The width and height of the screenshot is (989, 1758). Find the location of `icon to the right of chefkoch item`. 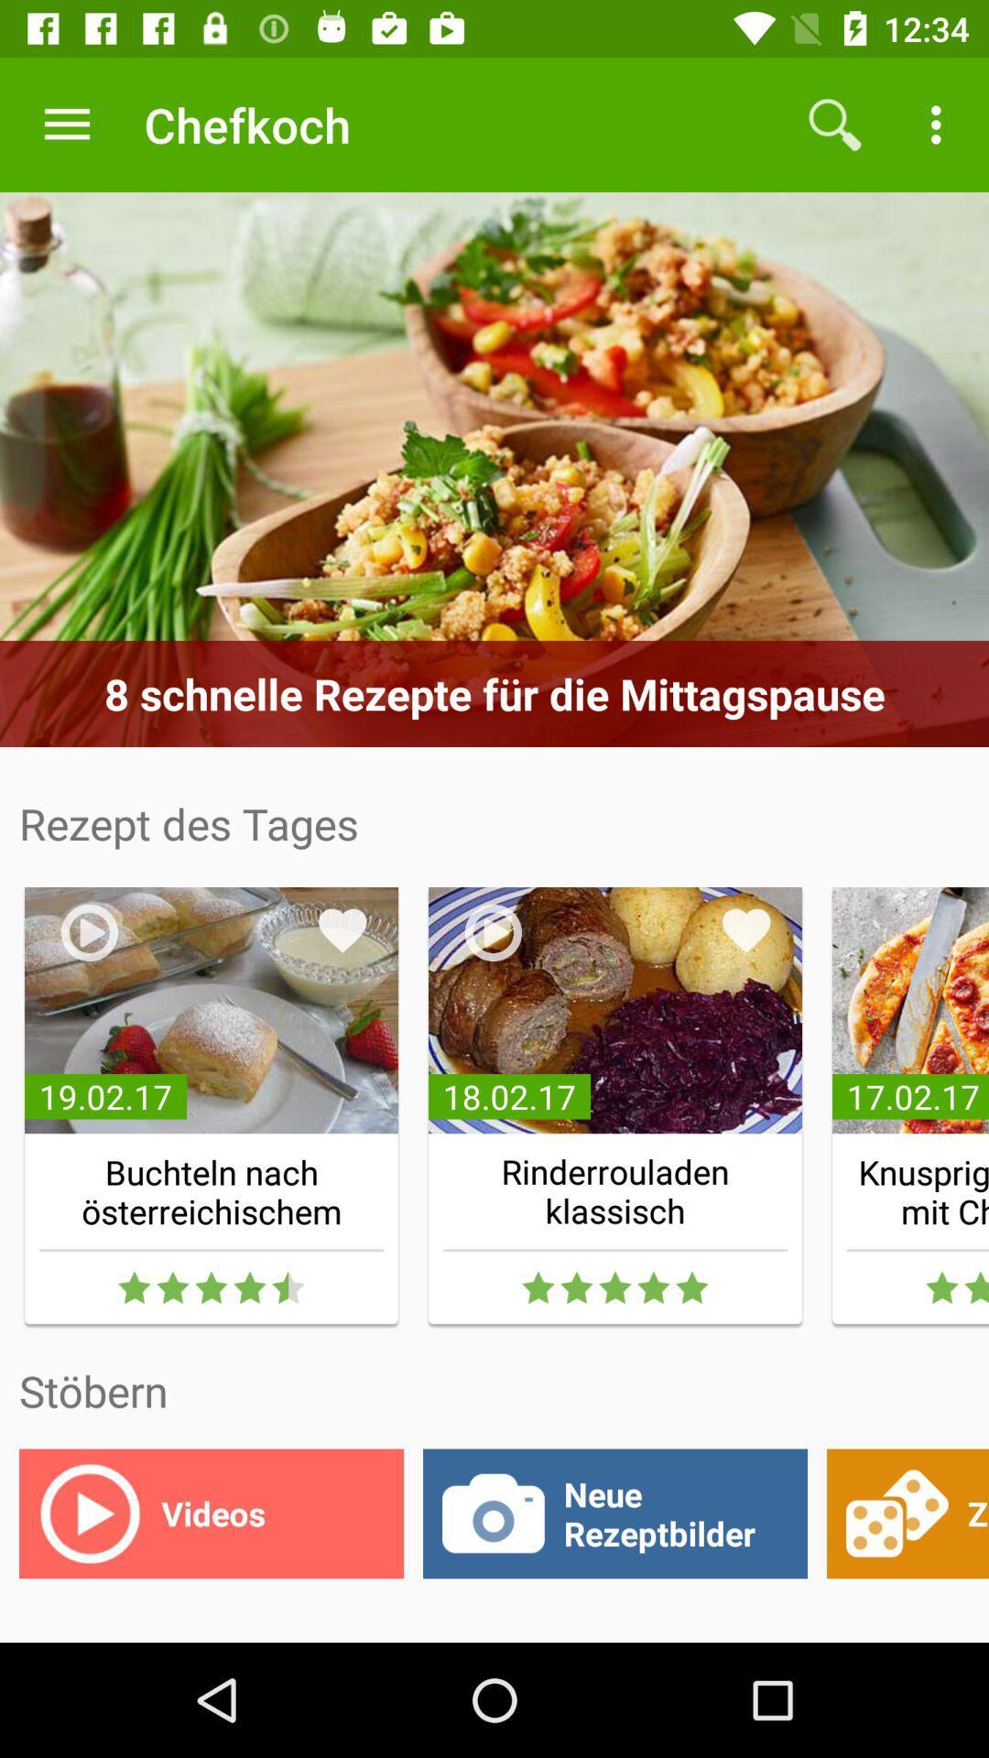

icon to the right of chefkoch item is located at coordinates (834, 124).